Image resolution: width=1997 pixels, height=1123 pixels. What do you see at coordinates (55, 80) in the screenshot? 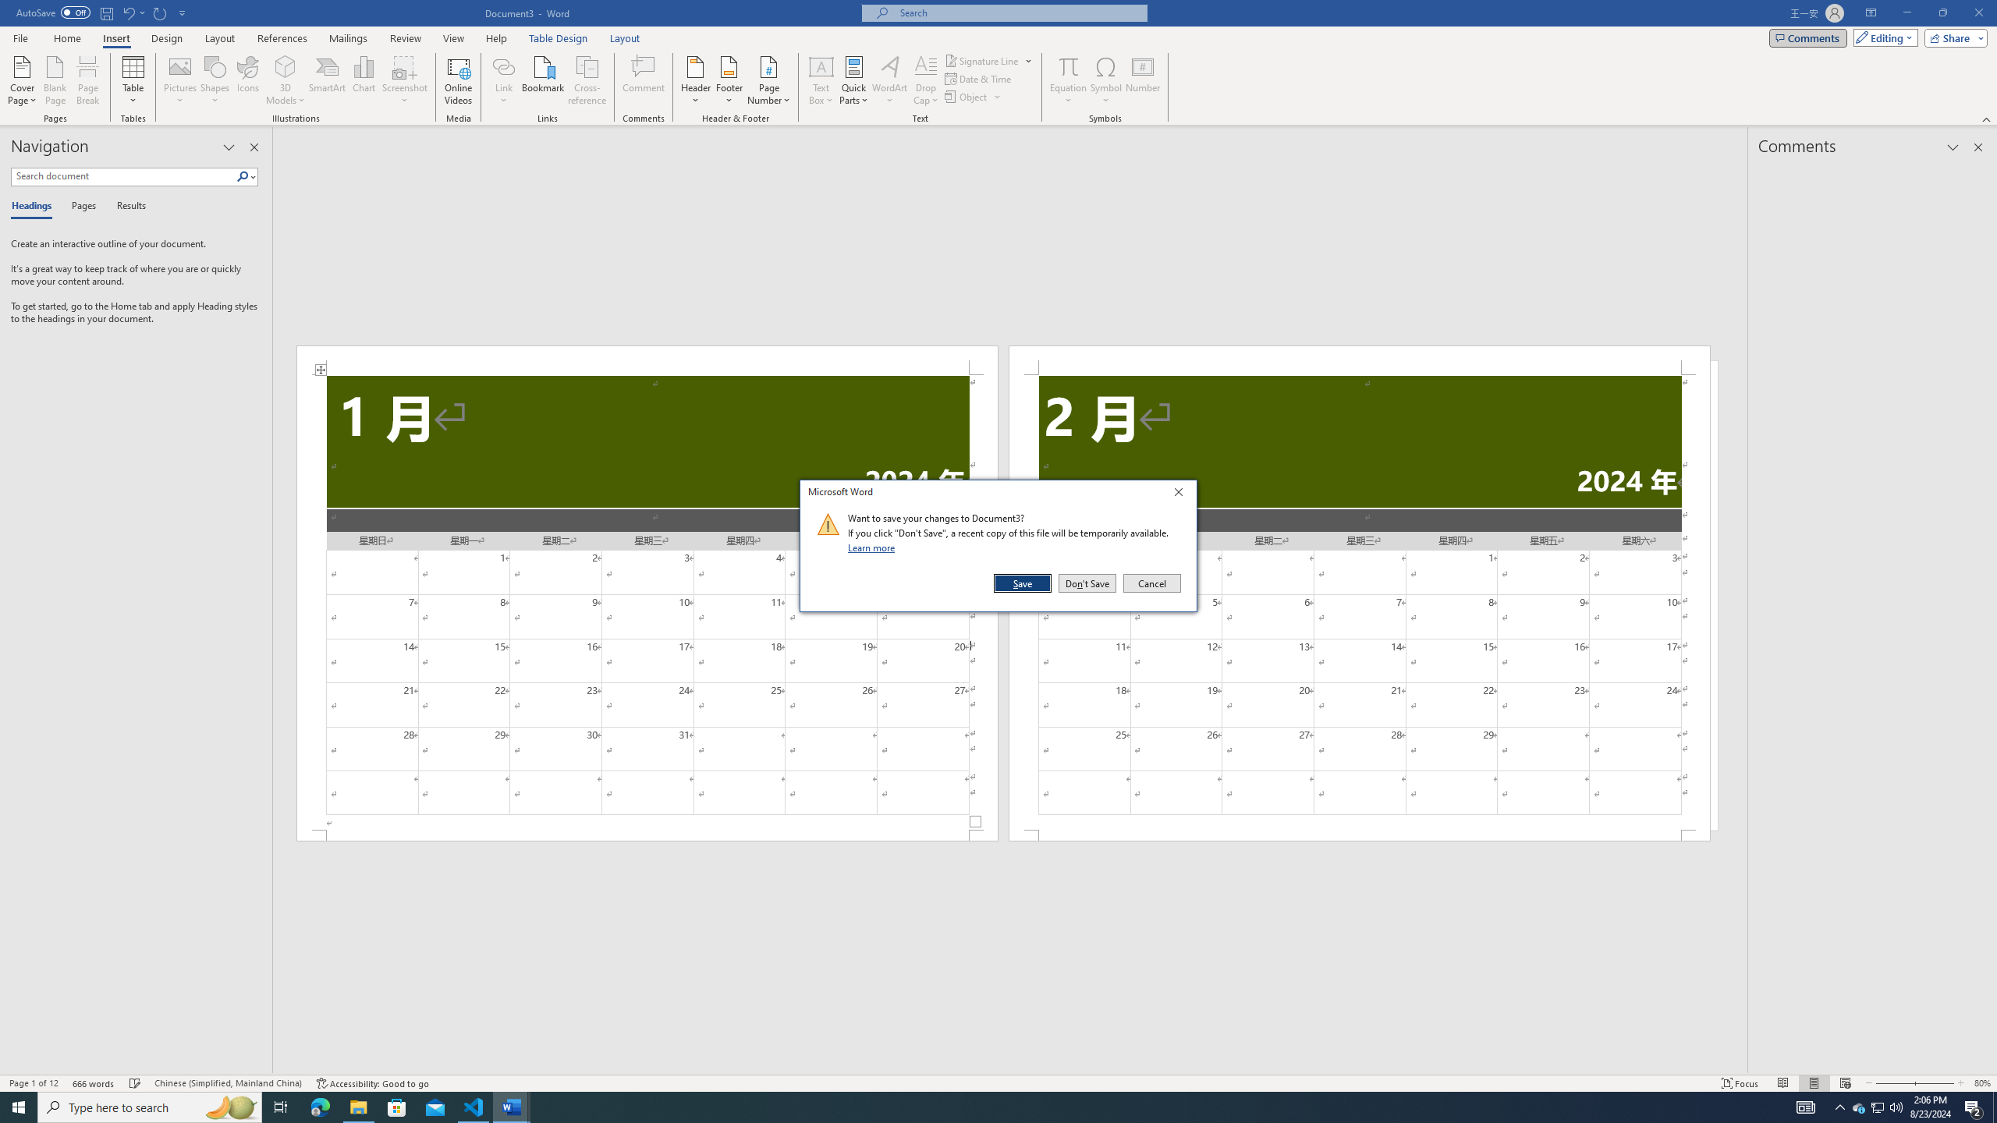
I see `'Blank Page'` at bounding box center [55, 80].